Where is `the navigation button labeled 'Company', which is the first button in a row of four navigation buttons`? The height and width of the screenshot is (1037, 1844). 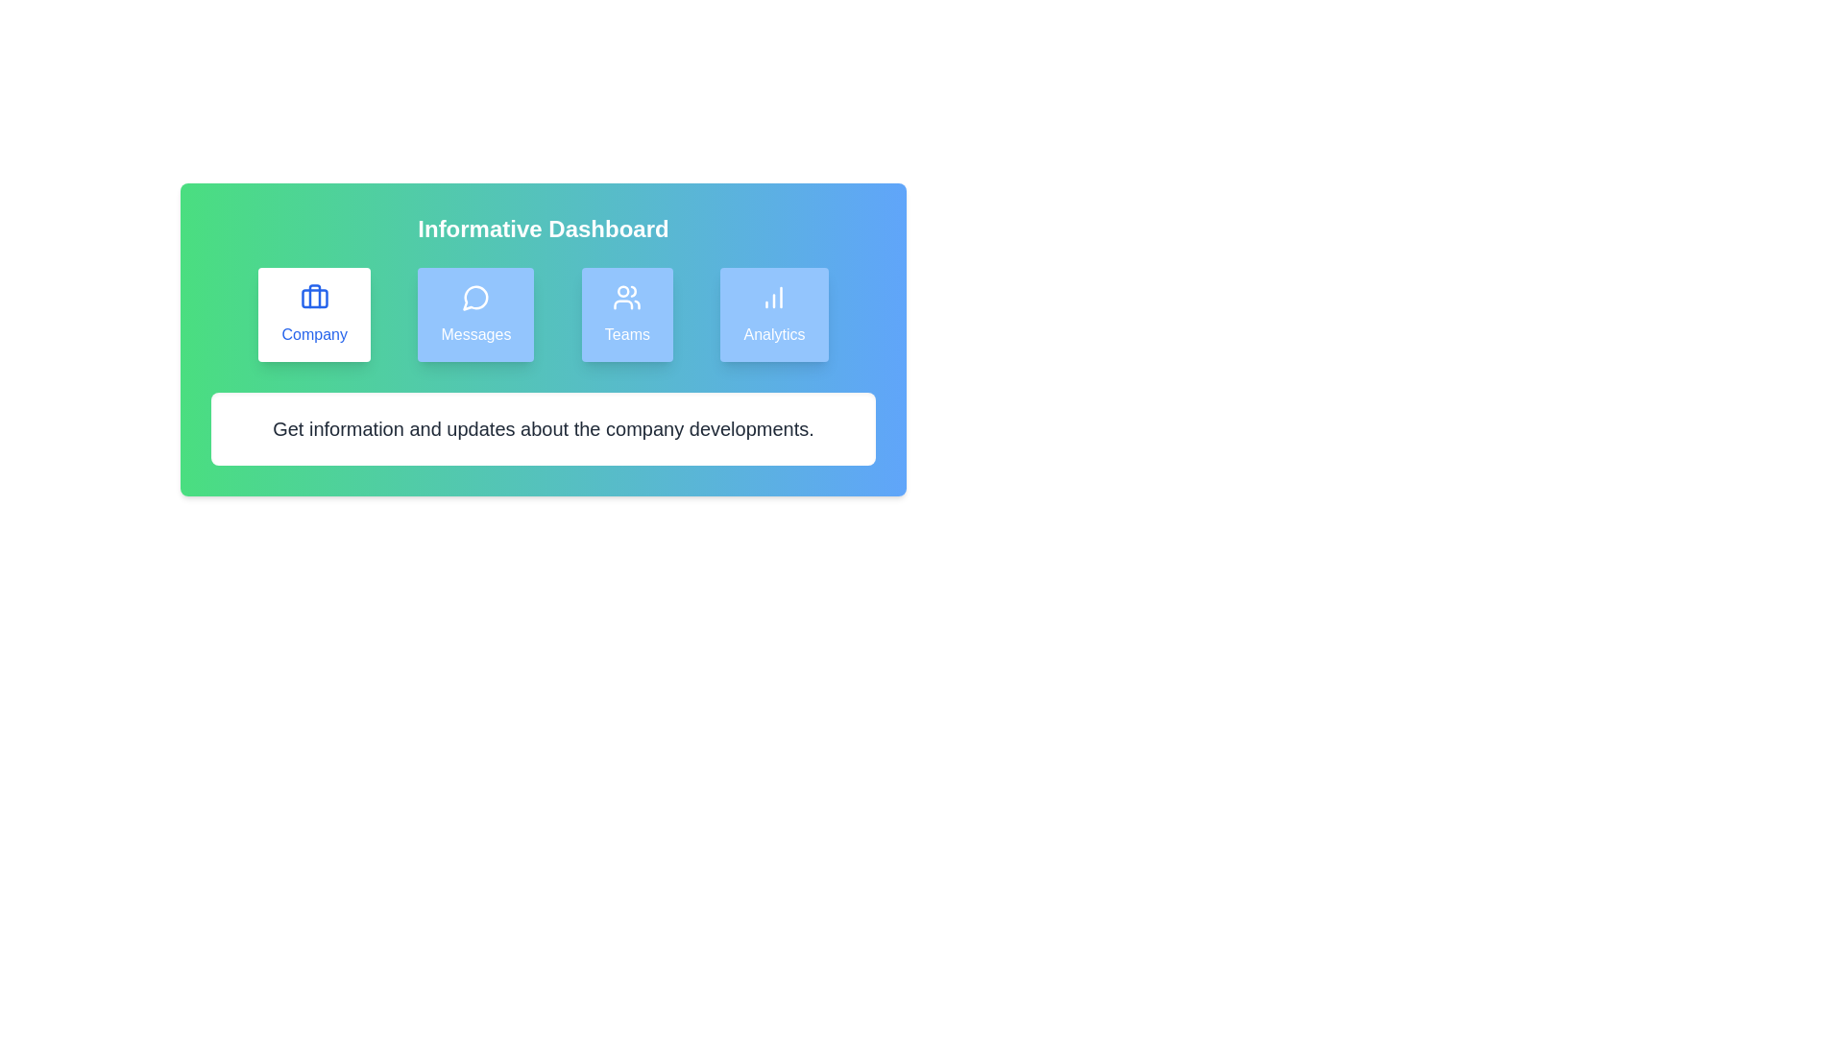 the navigation button labeled 'Company', which is the first button in a row of four navigation buttons is located at coordinates (314, 313).